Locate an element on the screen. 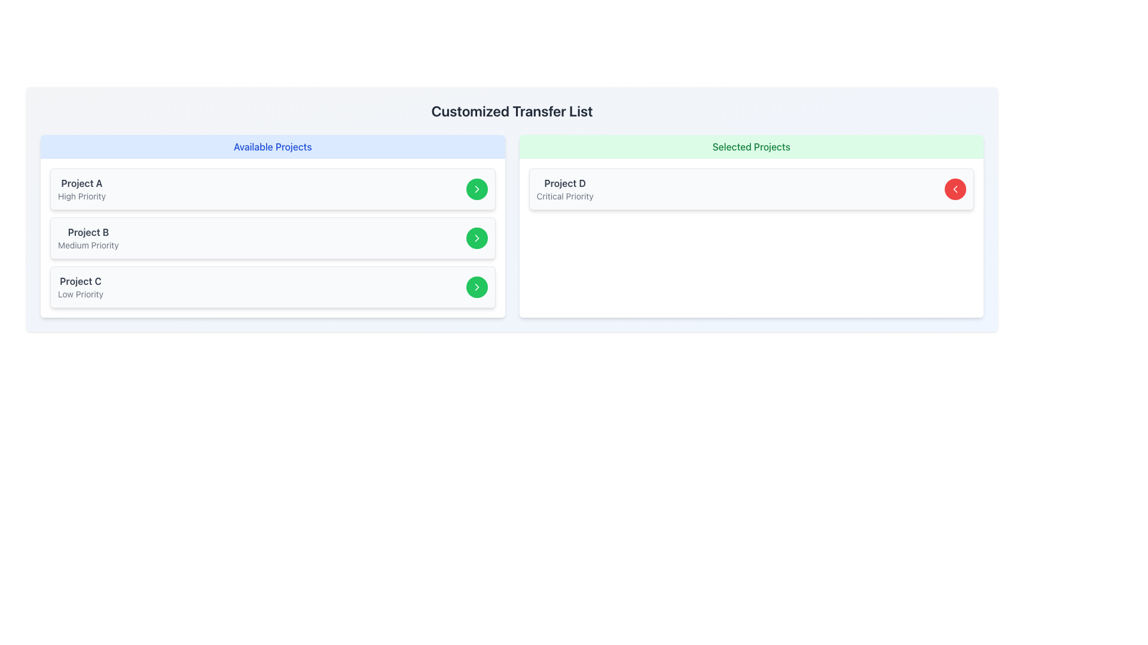 This screenshot has width=1148, height=645. text label indicating 'Critical Priority' for 'Project D' located in the card under 'Selected Projects' is located at coordinates (564, 195).